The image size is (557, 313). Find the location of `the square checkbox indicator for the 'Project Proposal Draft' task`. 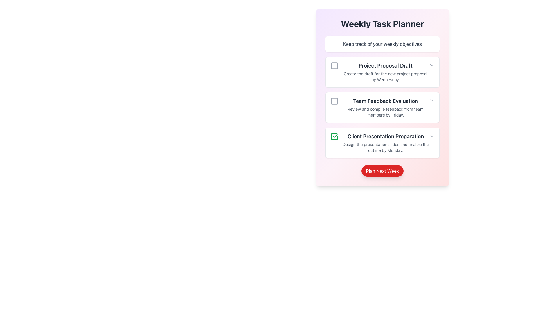

the square checkbox indicator for the 'Project Proposal Draft' task is located at coordinates (334, 65).